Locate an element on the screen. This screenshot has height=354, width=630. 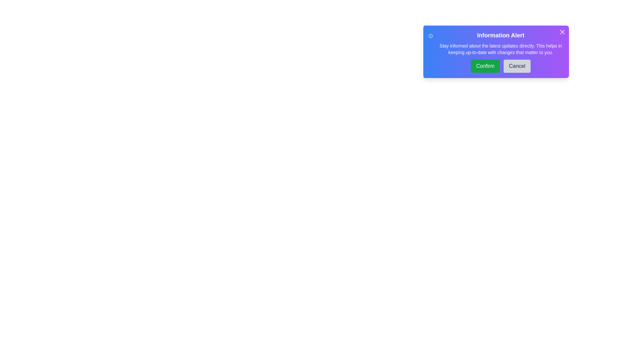
'Confirm' button to confirm the alert action is located at coordinates (485, 66).